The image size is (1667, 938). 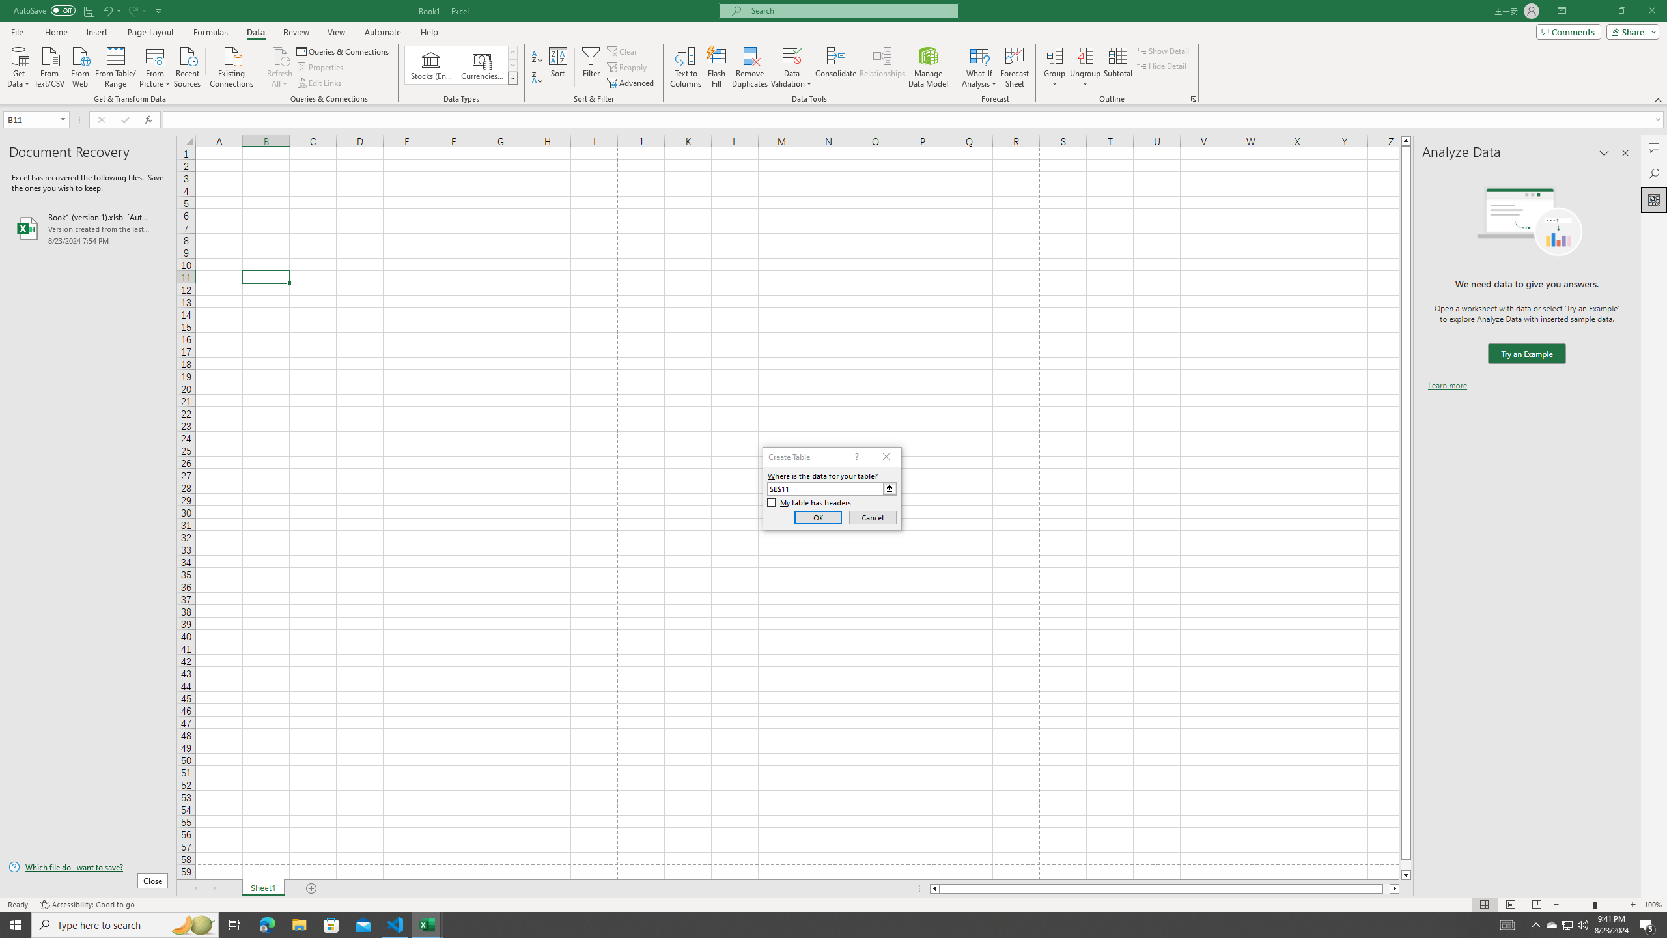 What do you see at coordinates (462, 64) in the screenshot?
I see `'AutomationID: ConvertToLinkedEntity'` at bounding box center [462, 64].